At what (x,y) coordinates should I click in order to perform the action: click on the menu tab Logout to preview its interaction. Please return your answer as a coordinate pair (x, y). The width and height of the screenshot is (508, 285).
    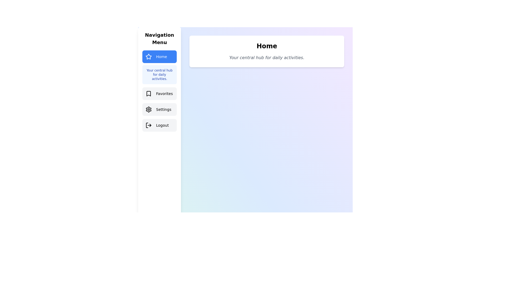
    Looking at the image, I should click on (159, 125).